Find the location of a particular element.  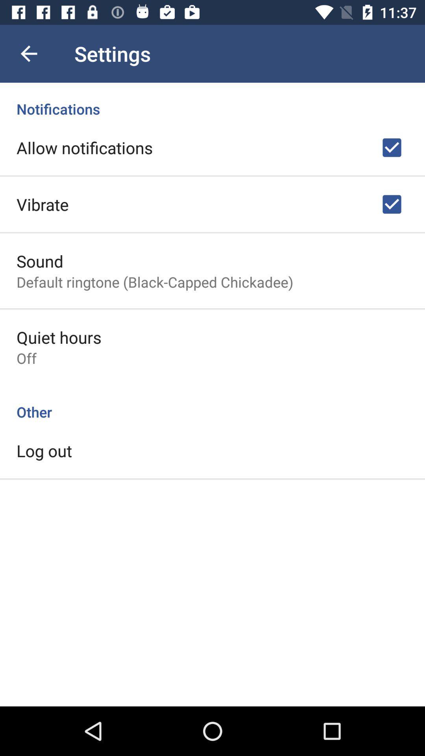

the vibrate is located at coordinates (42, 204).